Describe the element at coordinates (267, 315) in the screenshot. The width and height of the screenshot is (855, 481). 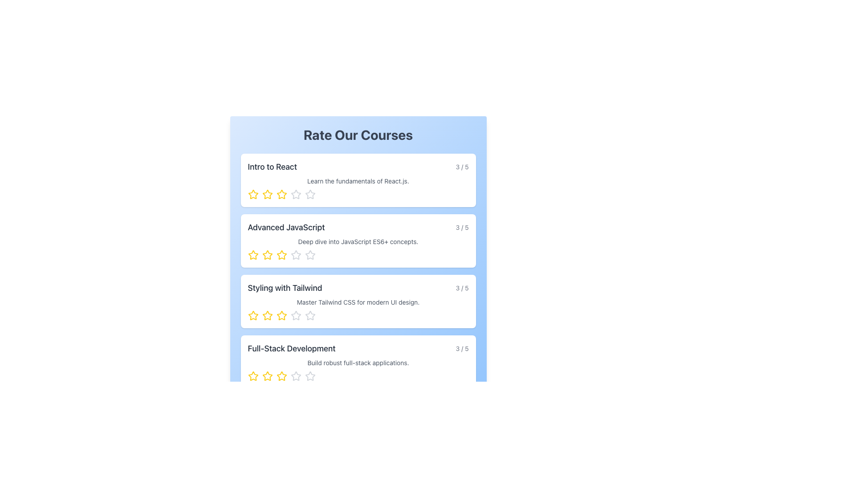
I see `the second star button in the rating row for the 'Styling with Tailwind' course` at that location.